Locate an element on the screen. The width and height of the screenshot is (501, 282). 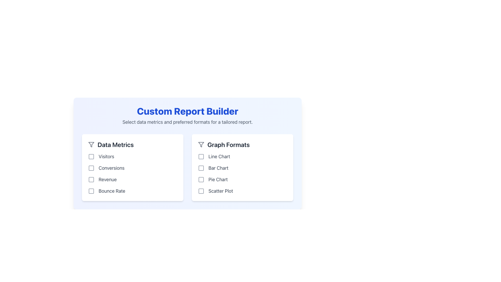
the checkbox icon for the 'Pie Chart' option located in the 'Graph Formats' section is located at coordinates (201, 179).